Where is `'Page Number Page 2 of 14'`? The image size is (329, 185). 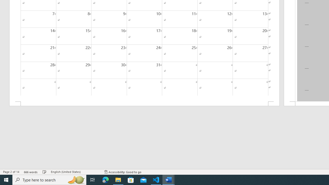 'Page Number Page 2 of 14' is located at coordinates (11, 172).